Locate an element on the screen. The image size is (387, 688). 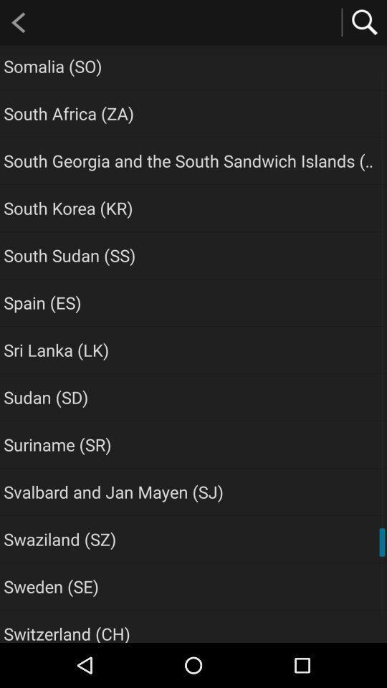
icon above the swaziland (sz) icon is located at coordinates (113, 492).